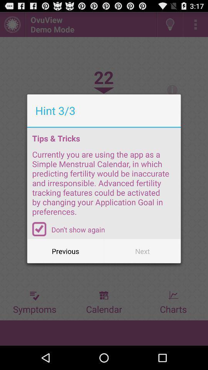 The height and width of the screenshot is (370, 208). I want to click on the button to the left of the next icon, so click(65, 251).